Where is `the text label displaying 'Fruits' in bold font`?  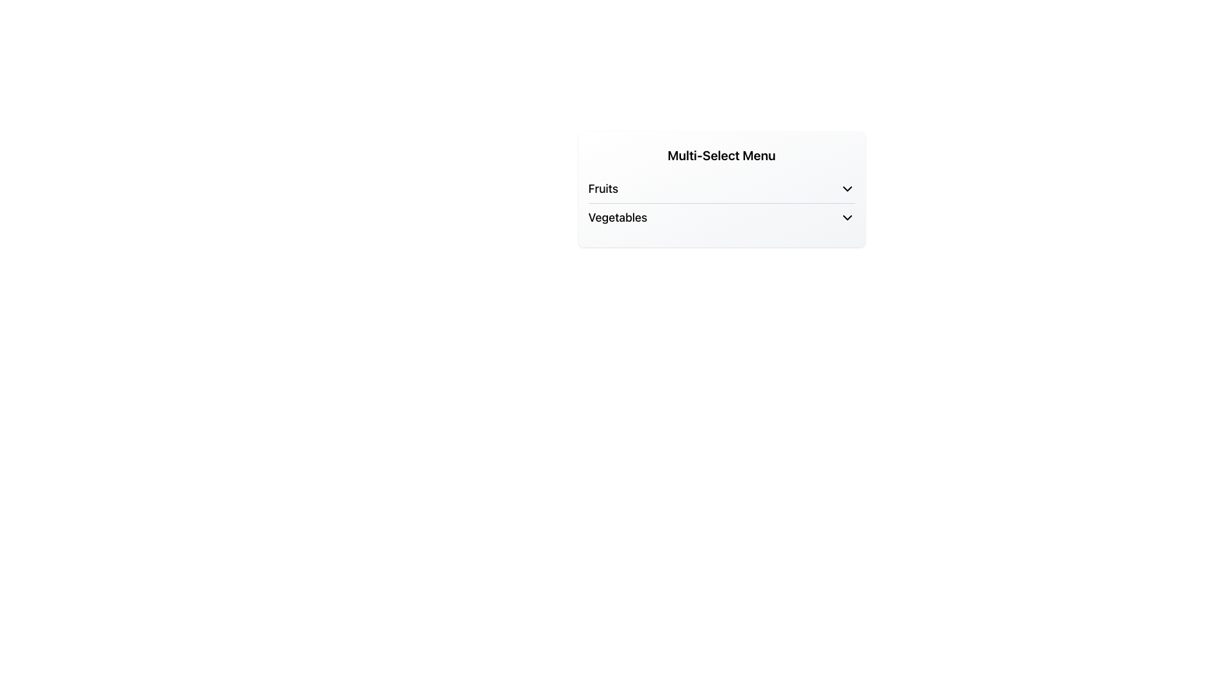 the text label displaying 'Fruits' in bold font is located at coordinates (602, 188).